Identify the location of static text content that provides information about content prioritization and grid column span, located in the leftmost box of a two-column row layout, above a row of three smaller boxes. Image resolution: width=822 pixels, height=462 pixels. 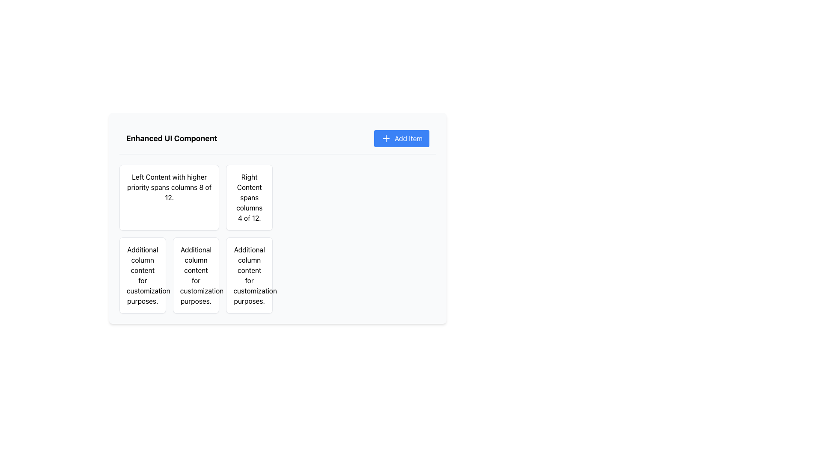
(169, 187).